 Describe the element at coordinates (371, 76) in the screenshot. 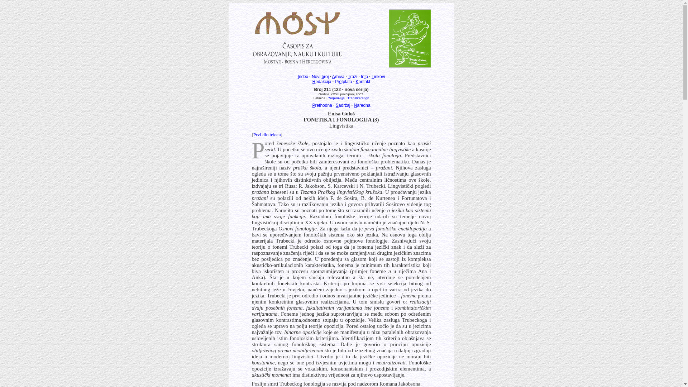

I see `'Linkovi'` at that location.